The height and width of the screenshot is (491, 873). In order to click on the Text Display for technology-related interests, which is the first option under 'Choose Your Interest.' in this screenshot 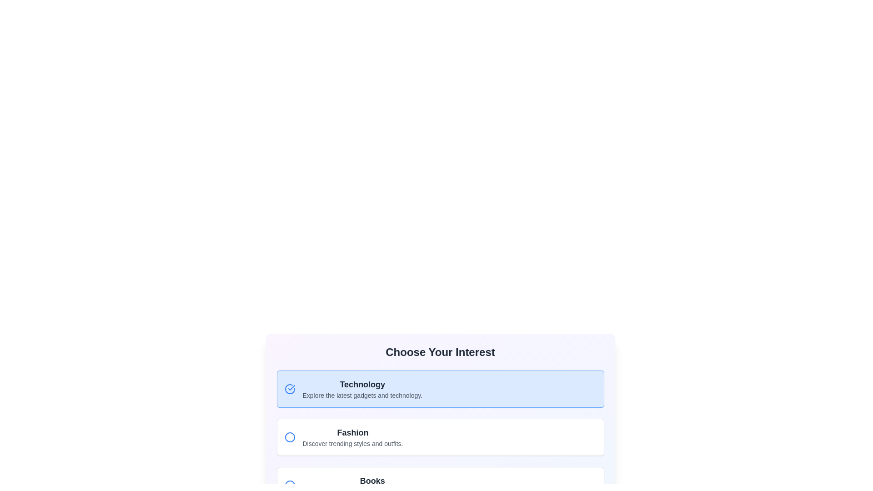, I will do `click(362, 389)`.